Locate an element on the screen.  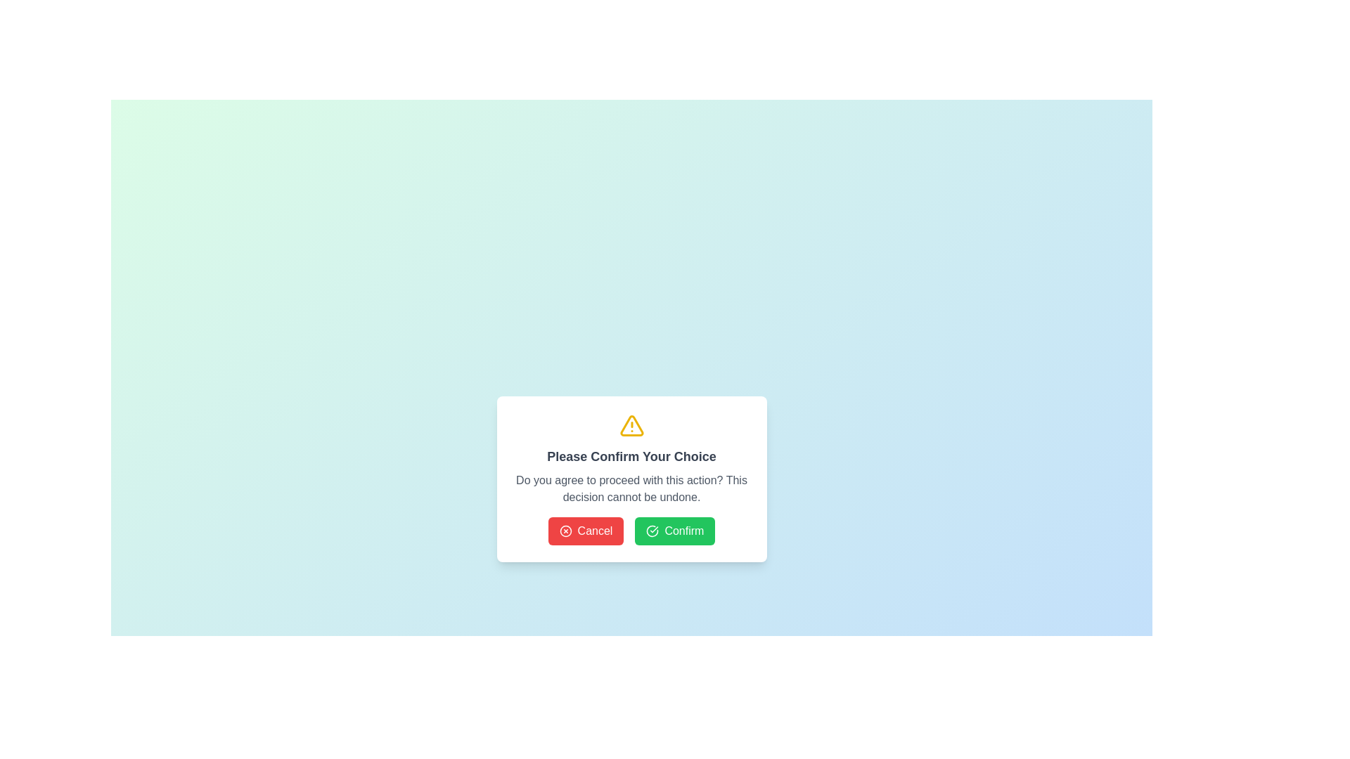
the Confirm button's graphical icon, which is the leftmost component inside the button is located at coordinates (652, 531).